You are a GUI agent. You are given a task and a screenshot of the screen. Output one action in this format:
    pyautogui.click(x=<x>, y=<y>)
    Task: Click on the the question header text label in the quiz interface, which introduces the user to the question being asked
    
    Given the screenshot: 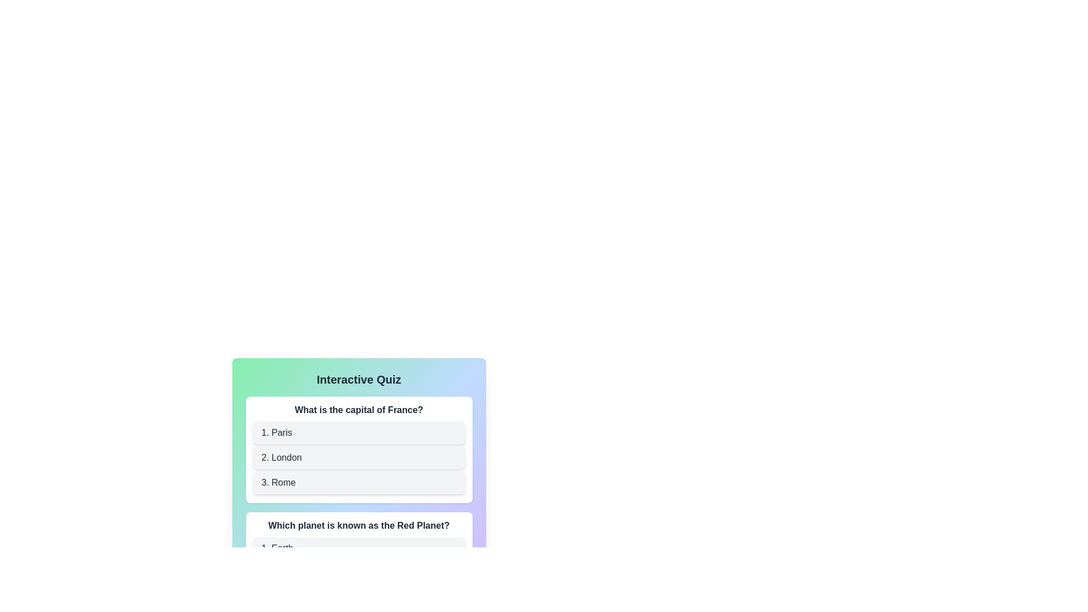 What is the action you would take?
    pyautogui.click(x=358, y=526)
    